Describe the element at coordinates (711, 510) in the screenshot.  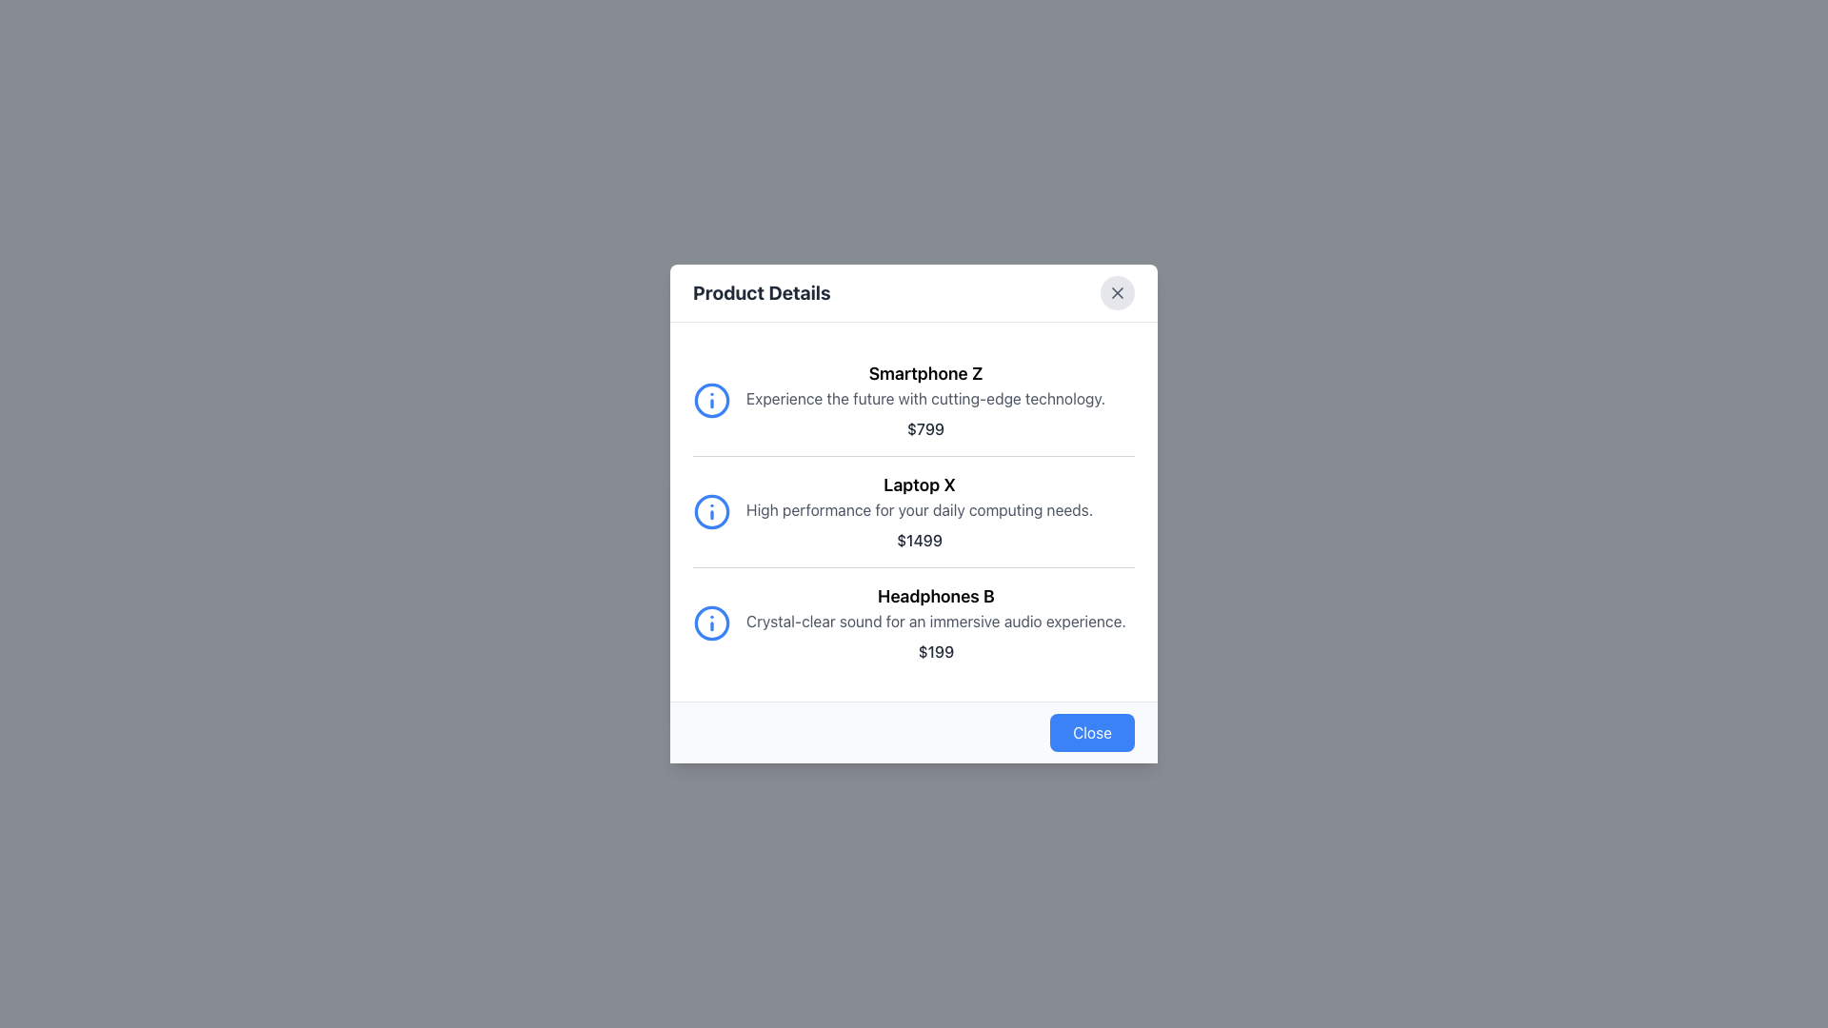
I see `the Graphic Circle icon styled in blue, which is part of the informational section for 'Laptop X', located to the left of the text 'High performance for your daily computing needs'` at that location.